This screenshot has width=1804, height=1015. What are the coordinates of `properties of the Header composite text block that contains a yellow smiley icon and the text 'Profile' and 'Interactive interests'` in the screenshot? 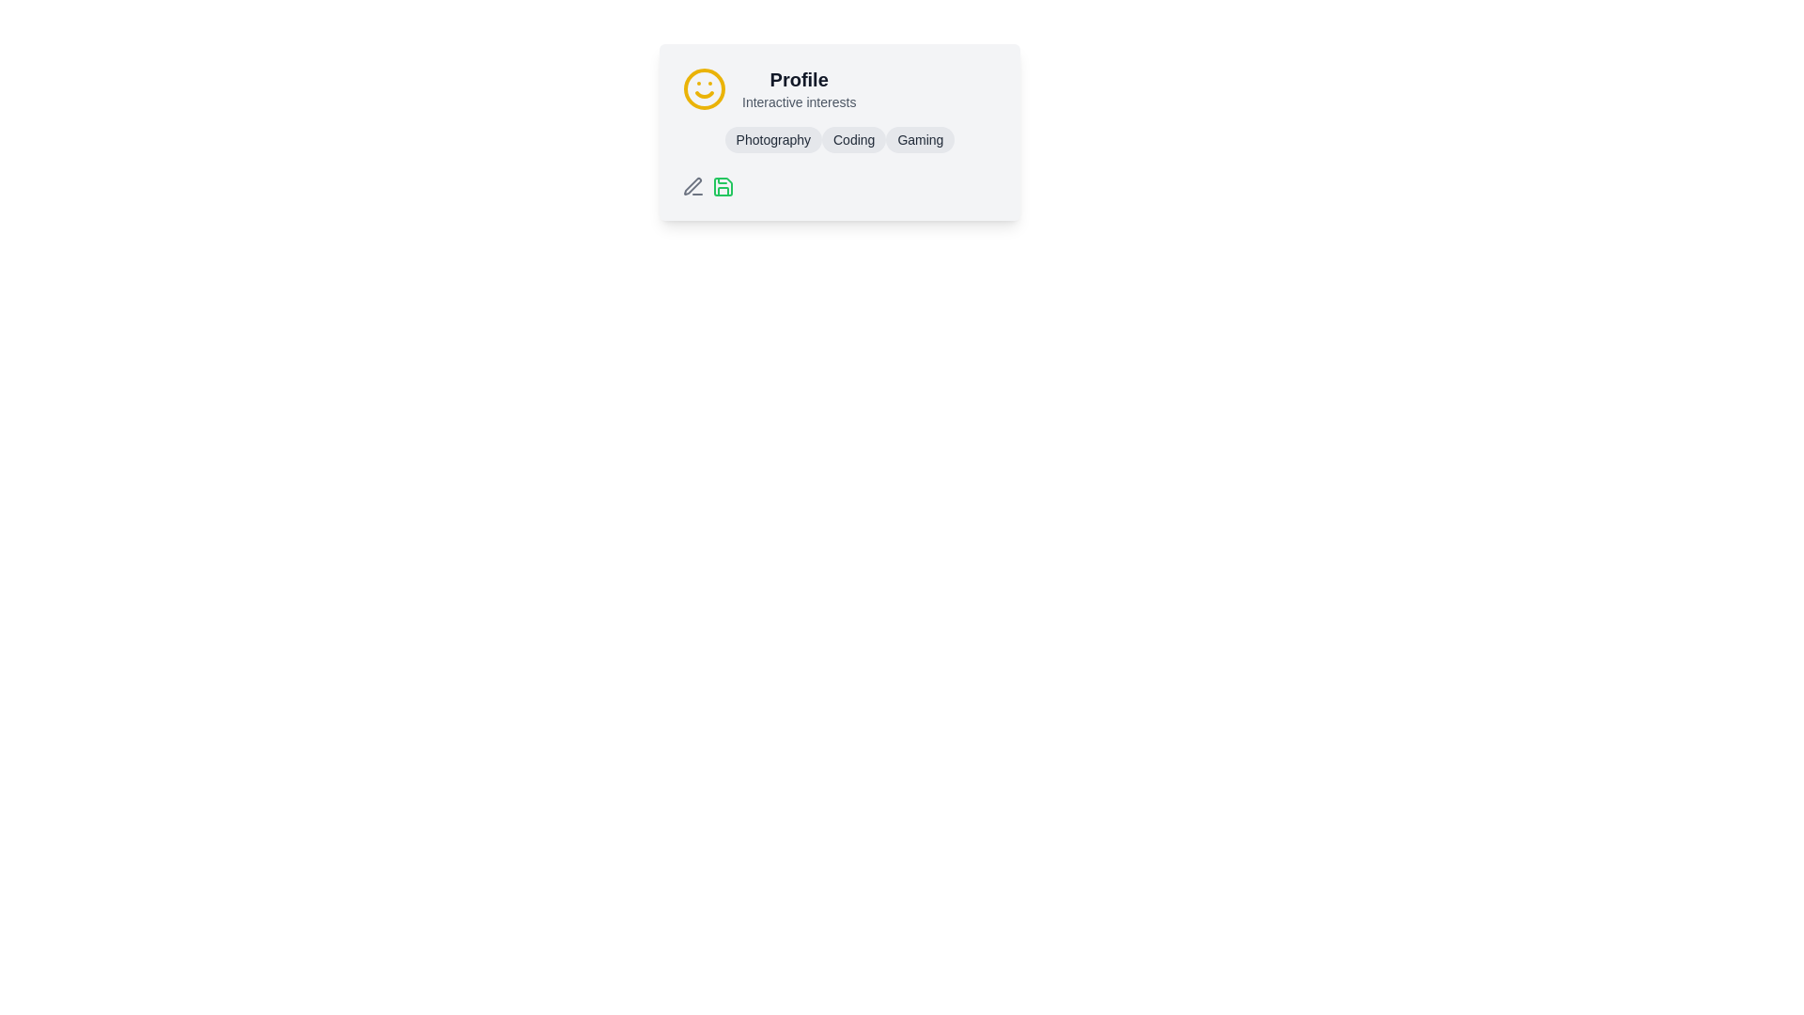 It's located at (838, 89).